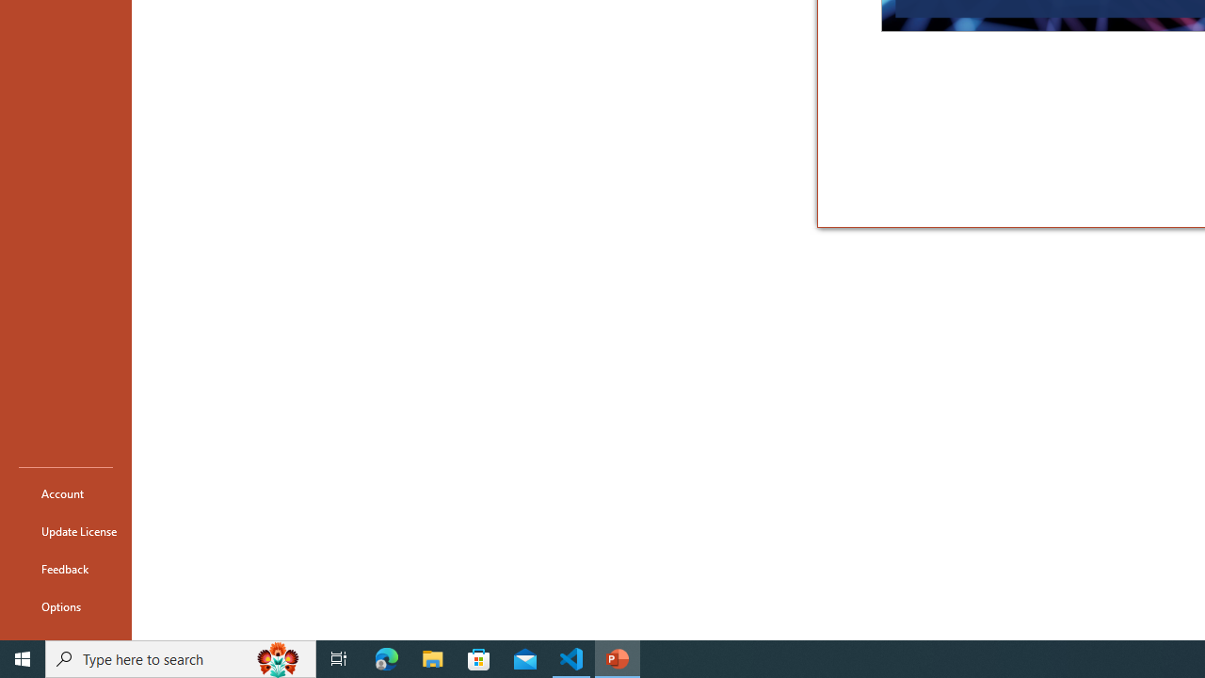 The height and width of the screenshot is (678, 1205). What do you see at coordinates (65, 568) in the screenshot?
I see `'Feedback'` at bounding box center [65, 568].